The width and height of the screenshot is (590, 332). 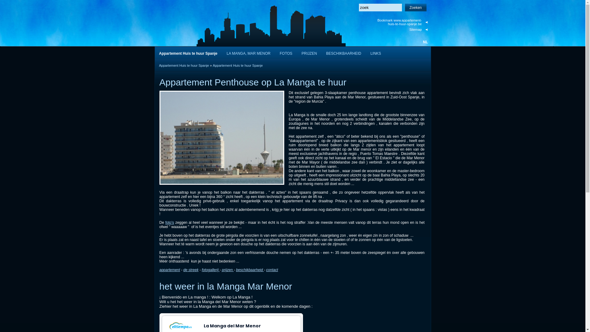 What do you see at coordinates (375, 53) in the screenshot?
I see `'LINKS'` at bounding box center [375, 53].